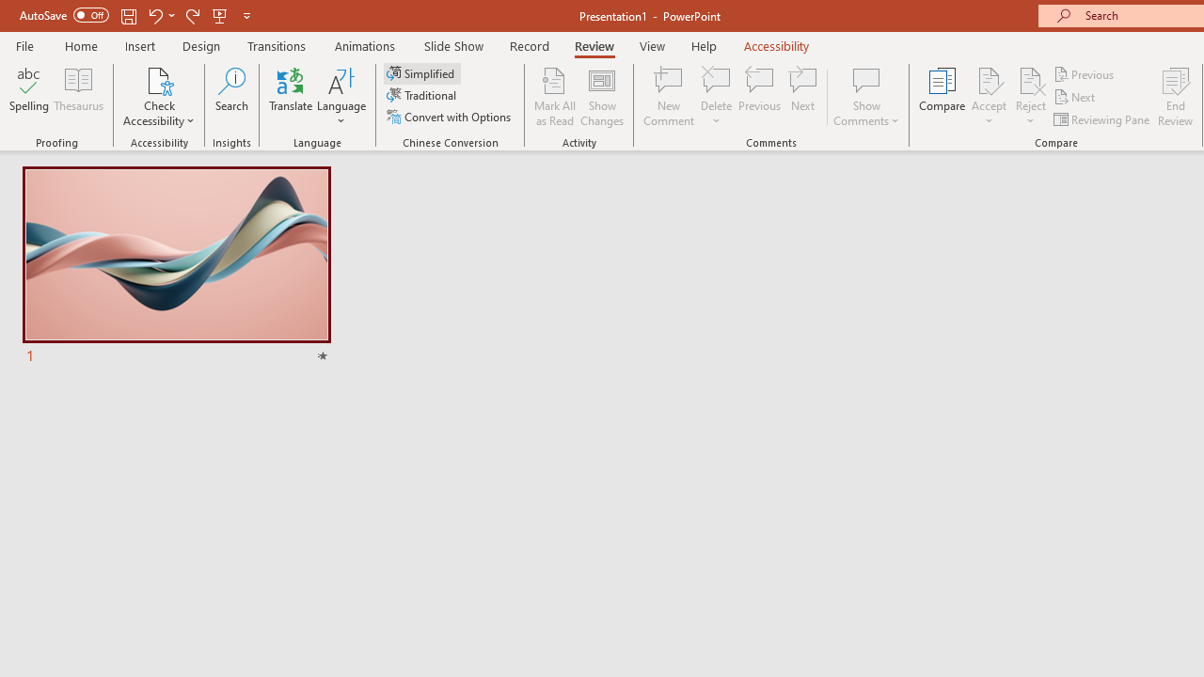  I want to click on 'Review', so click(593, 45).